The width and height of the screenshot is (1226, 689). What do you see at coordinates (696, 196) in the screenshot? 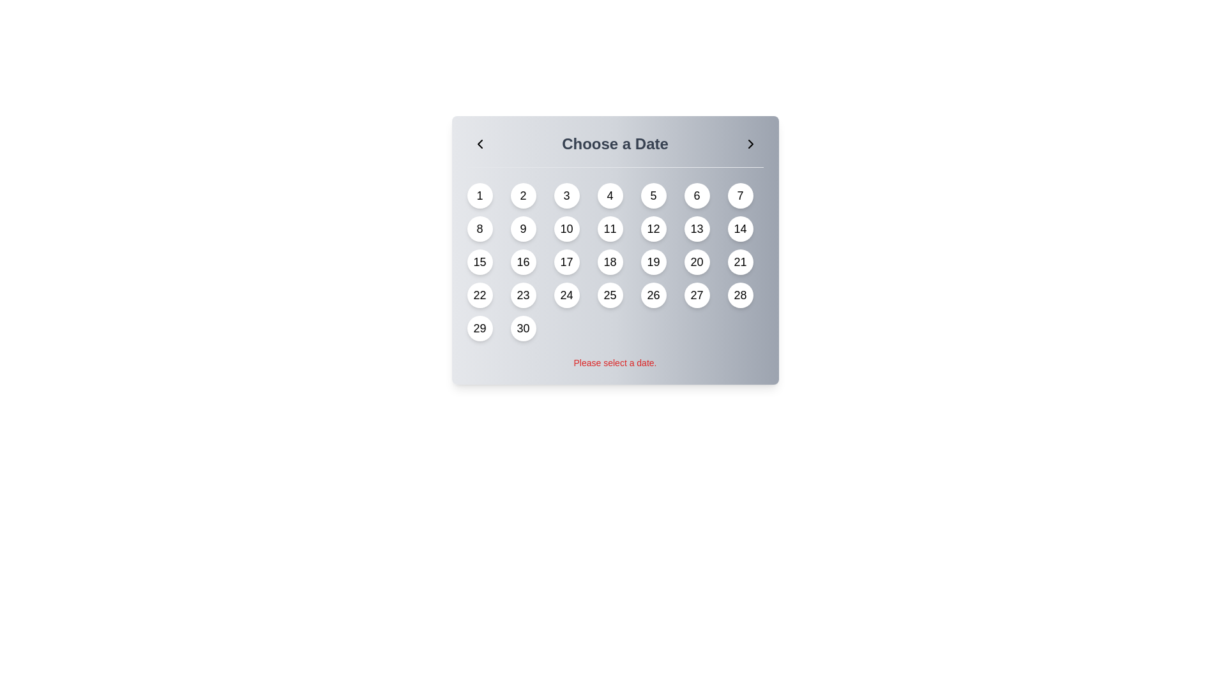
I see `the circular button in the first row, sixth column of the calendar` at bounding box center [696, 196].